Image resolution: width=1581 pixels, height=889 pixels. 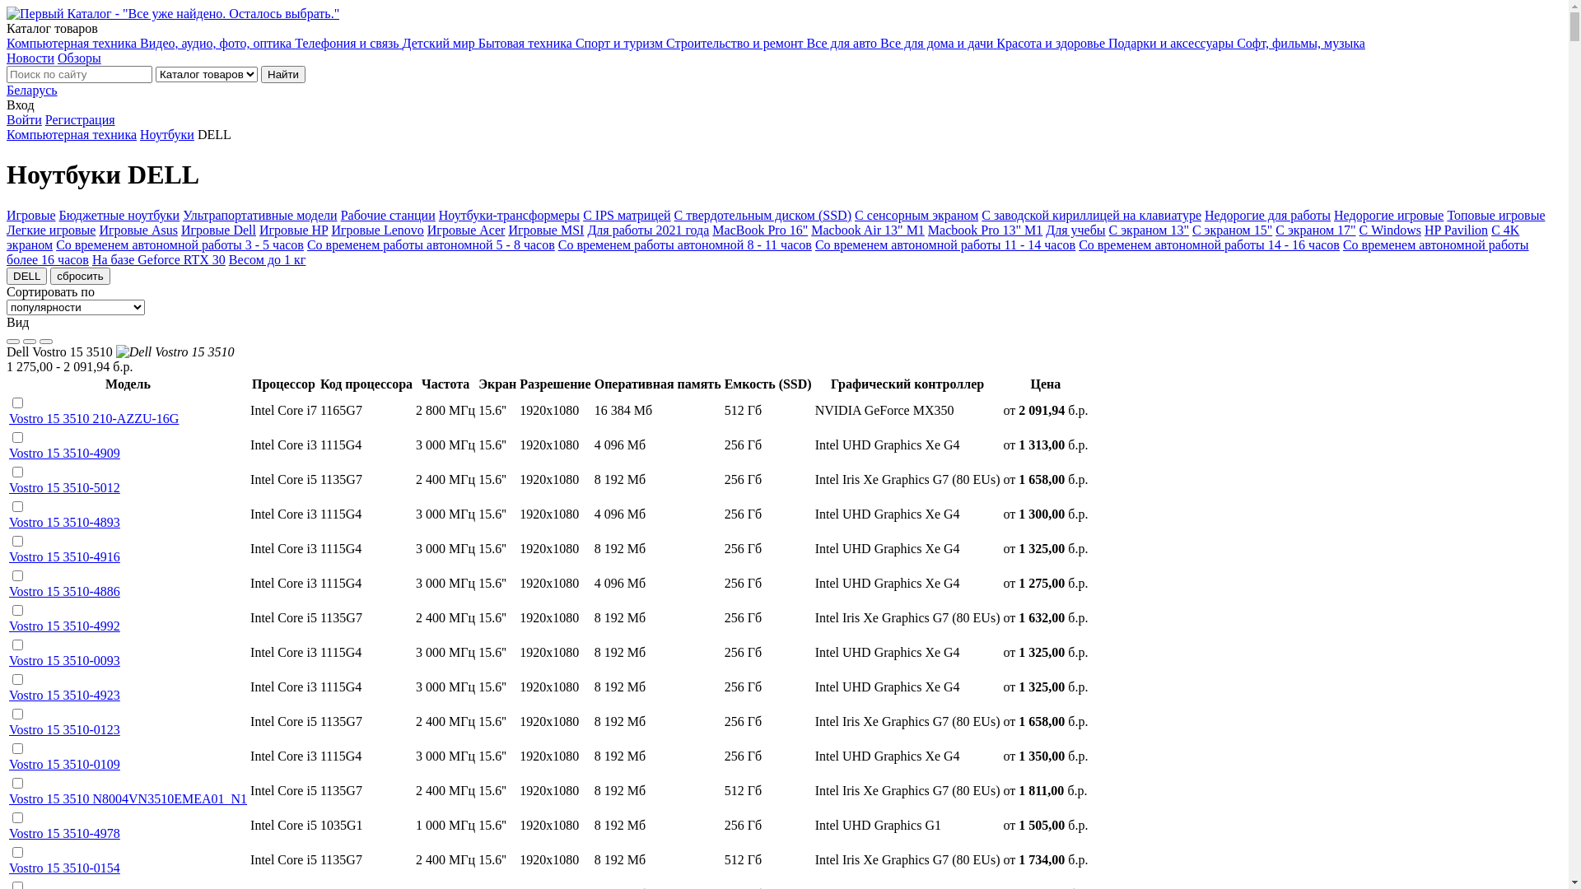 What do you see at coordinates (64, 695) in the screenshot?
I see `'Vostro 15 3510-4923'` at bounding box center [64, 695].